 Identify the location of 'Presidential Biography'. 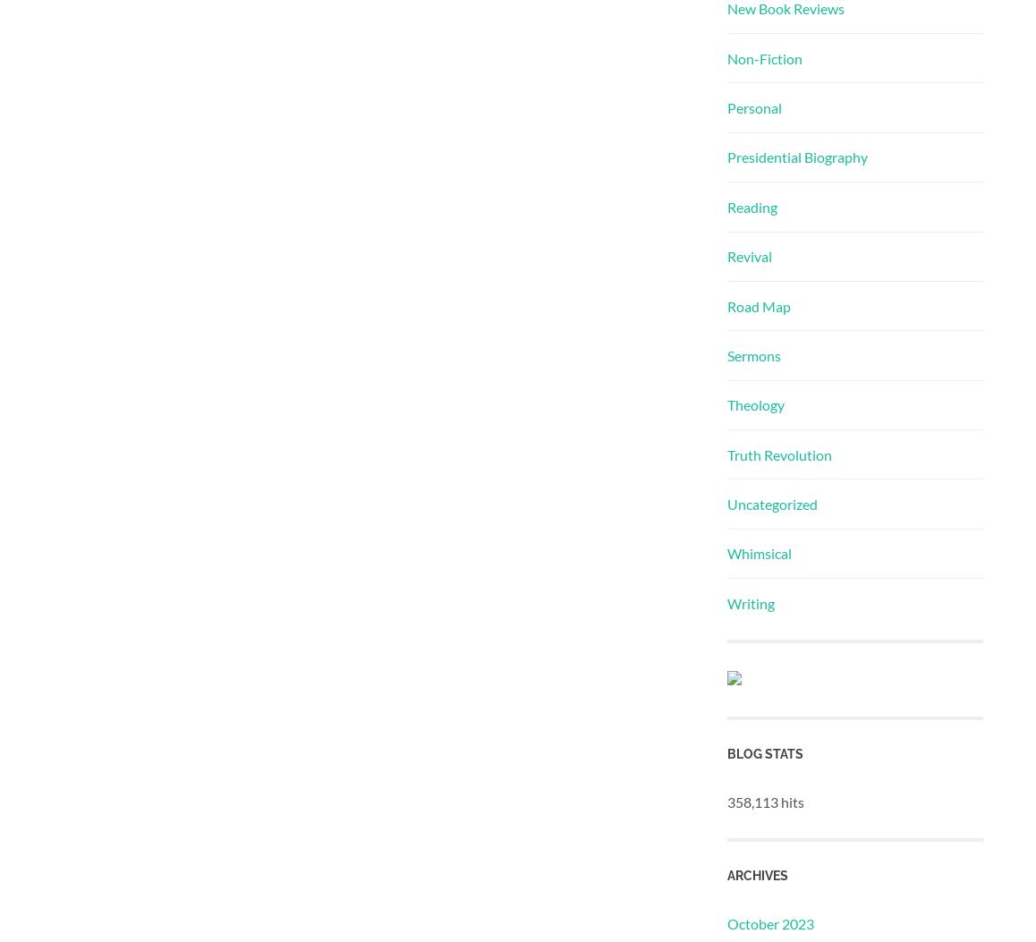
(797, 156).